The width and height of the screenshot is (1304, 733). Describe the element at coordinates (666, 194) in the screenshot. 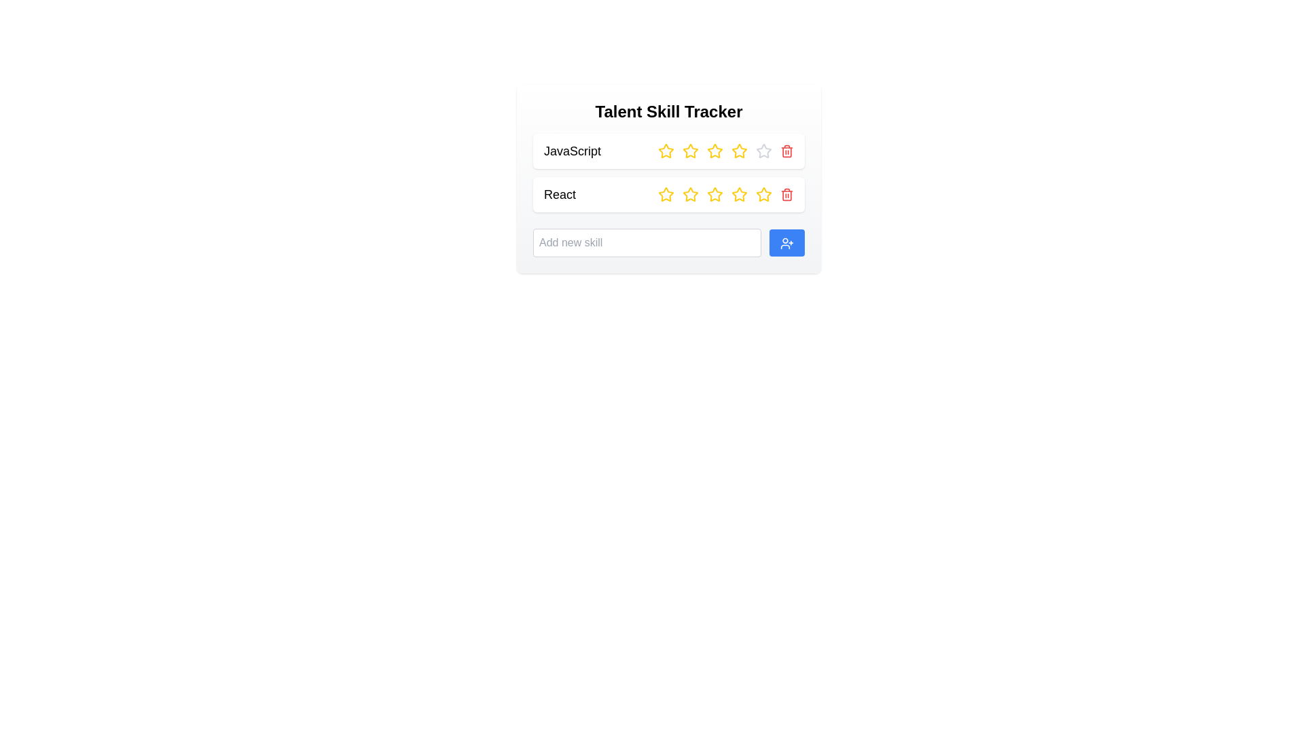

I see `the first star icon representing the 'React' skill rating` at that location.